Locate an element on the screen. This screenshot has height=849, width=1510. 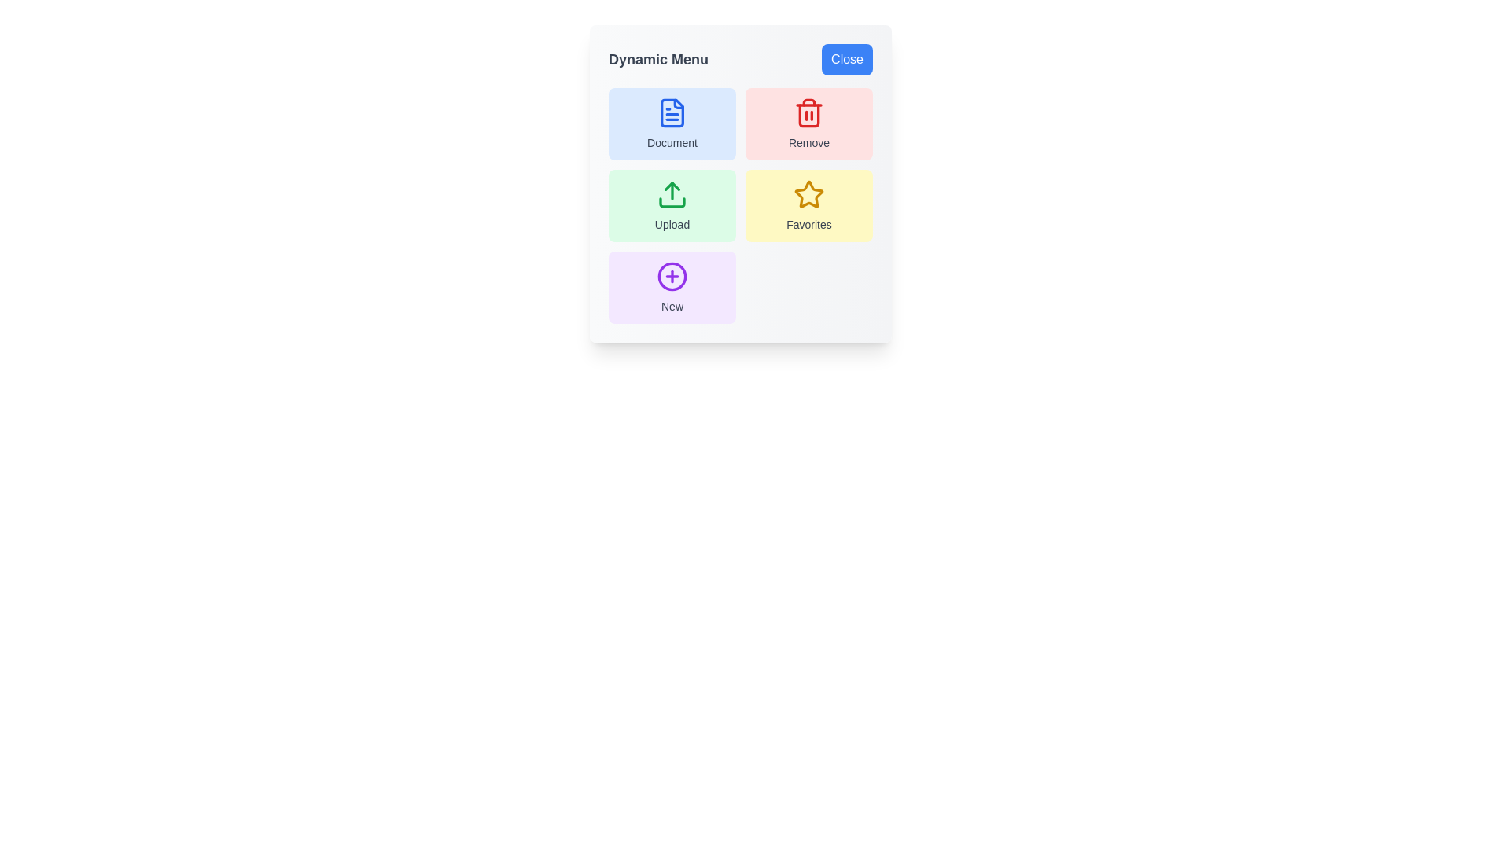
the top-left button in a 2x3 grid layout located centrally in a modal overlay is located at coordinates (672, 123).